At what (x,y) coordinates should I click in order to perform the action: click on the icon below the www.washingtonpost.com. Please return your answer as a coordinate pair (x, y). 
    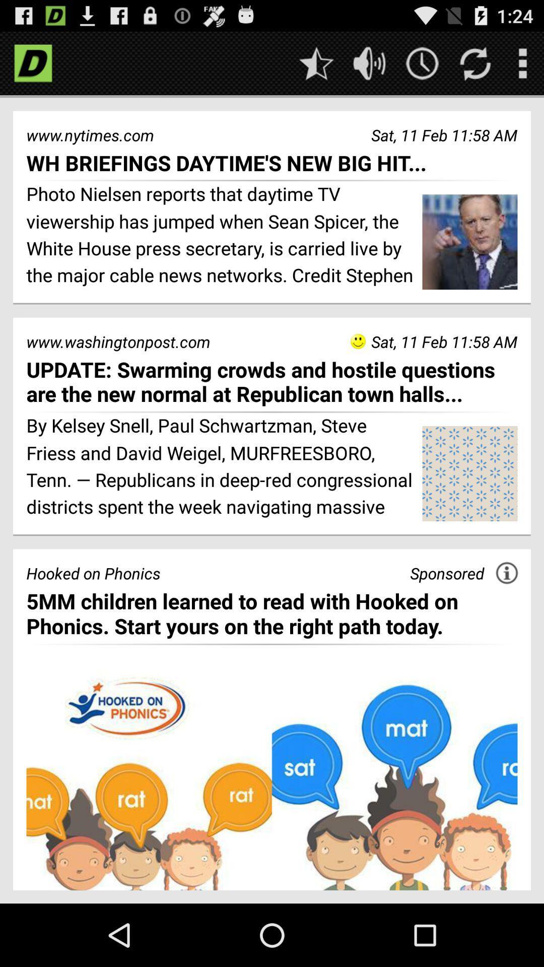
    Looking at the image, I should click on (272, 381).